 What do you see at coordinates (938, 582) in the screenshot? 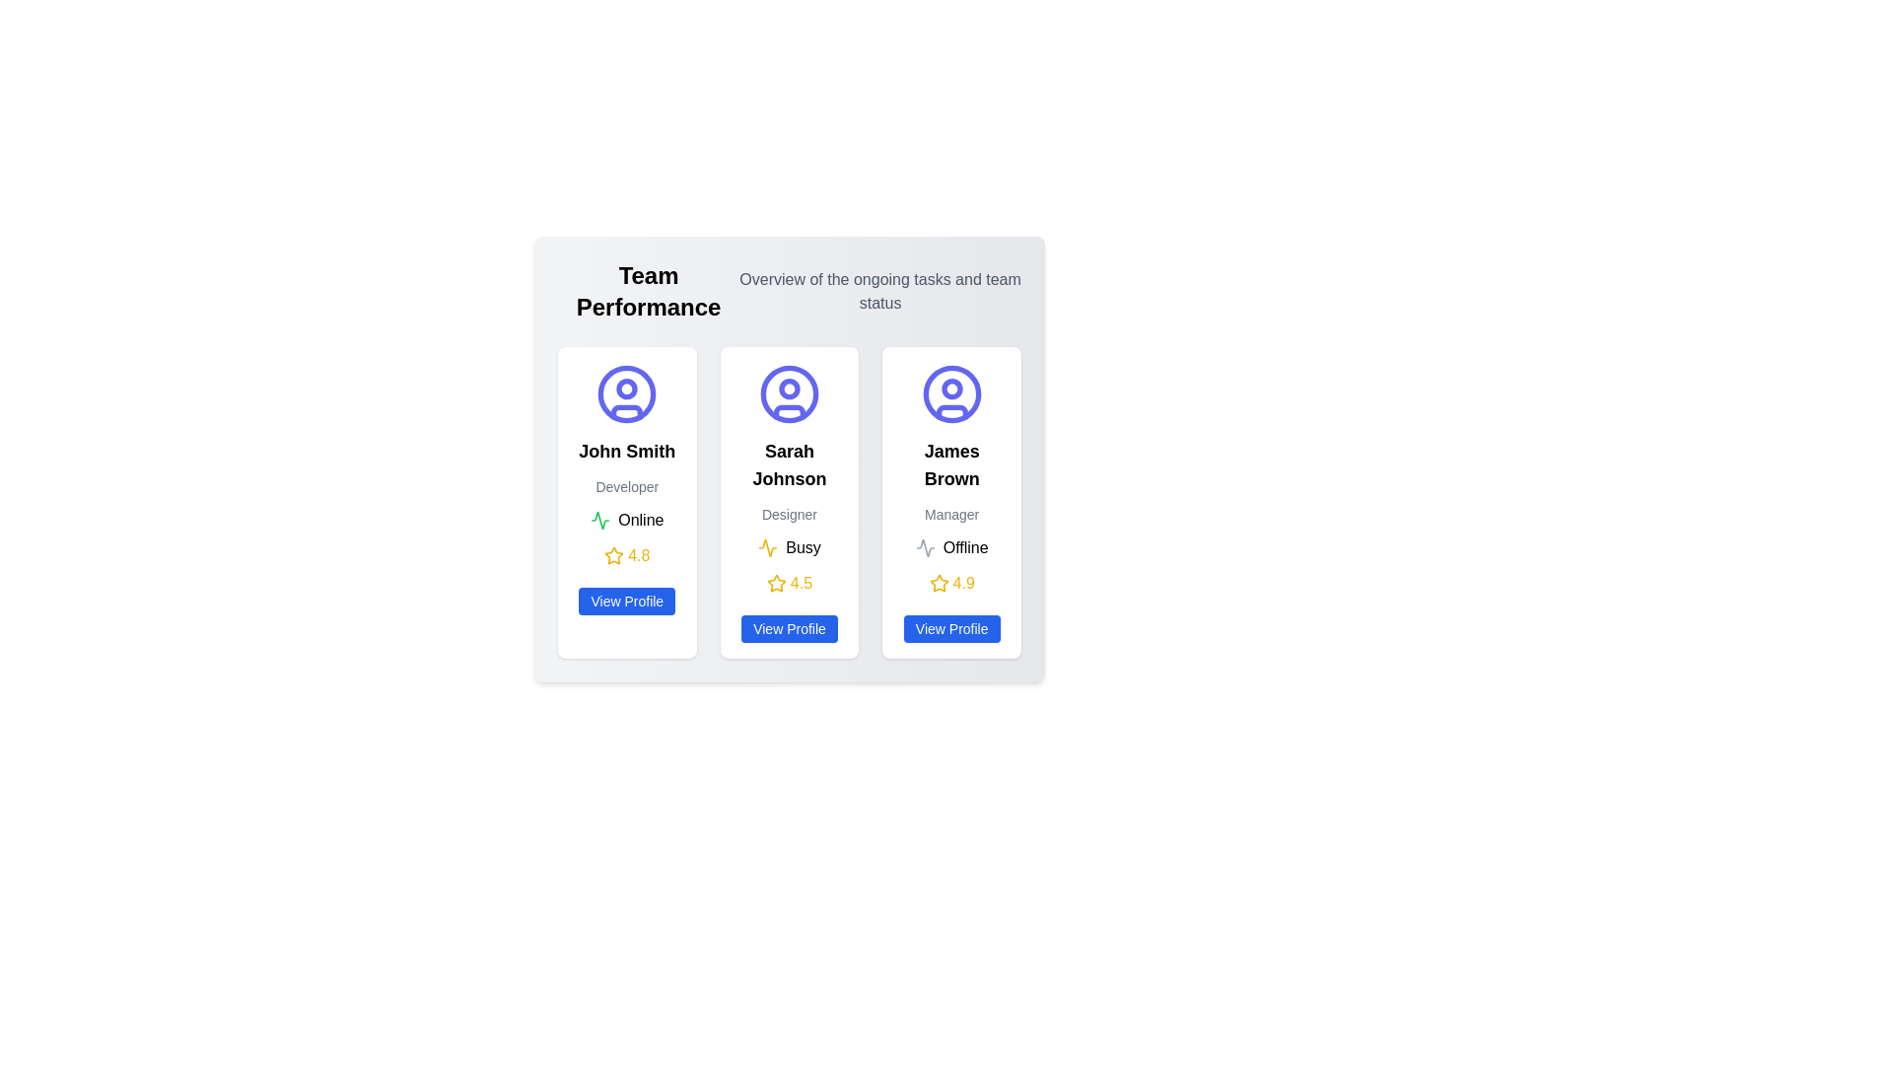
I see `the small yellow star icon located below the 'Offline' text and to the left of the red '4.9' text in the third profile card` at bounding box center [938, 582].